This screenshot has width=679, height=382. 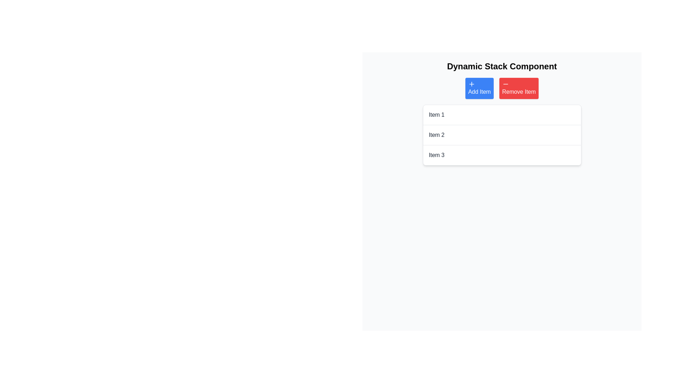 I want to click on the blue rectangular button labeled 'Add Item', so click(x=479, y=88).